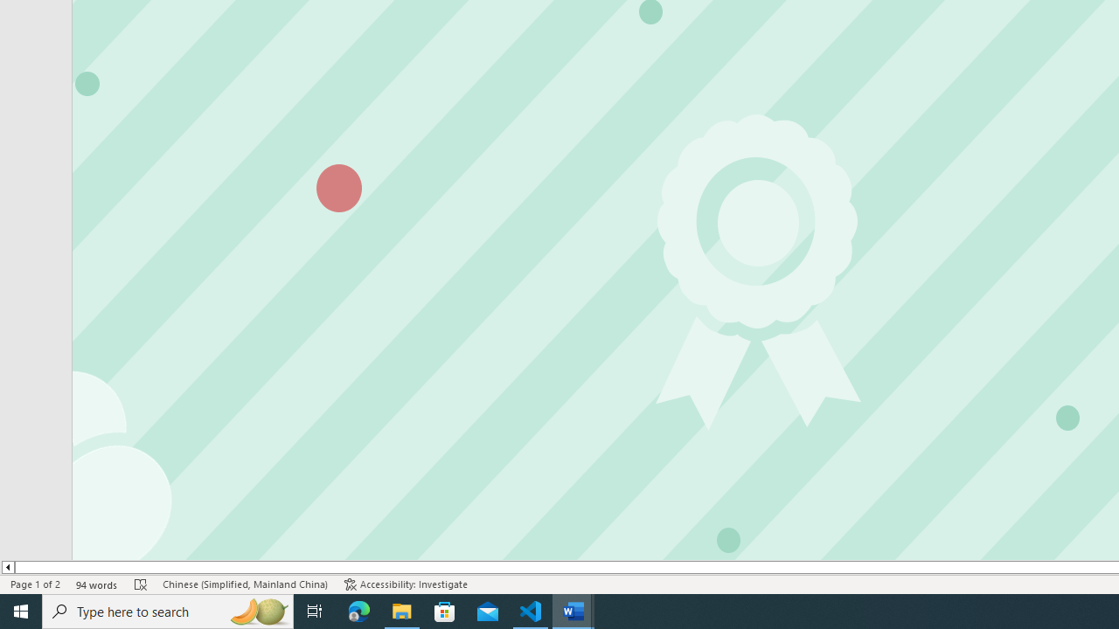 The width and height of the screenshot is (1119, 629). What do you see at coordinates (96, 584) in the screenshot?
I see `'Word Count 94 words'` at bounding box center [96, 584].